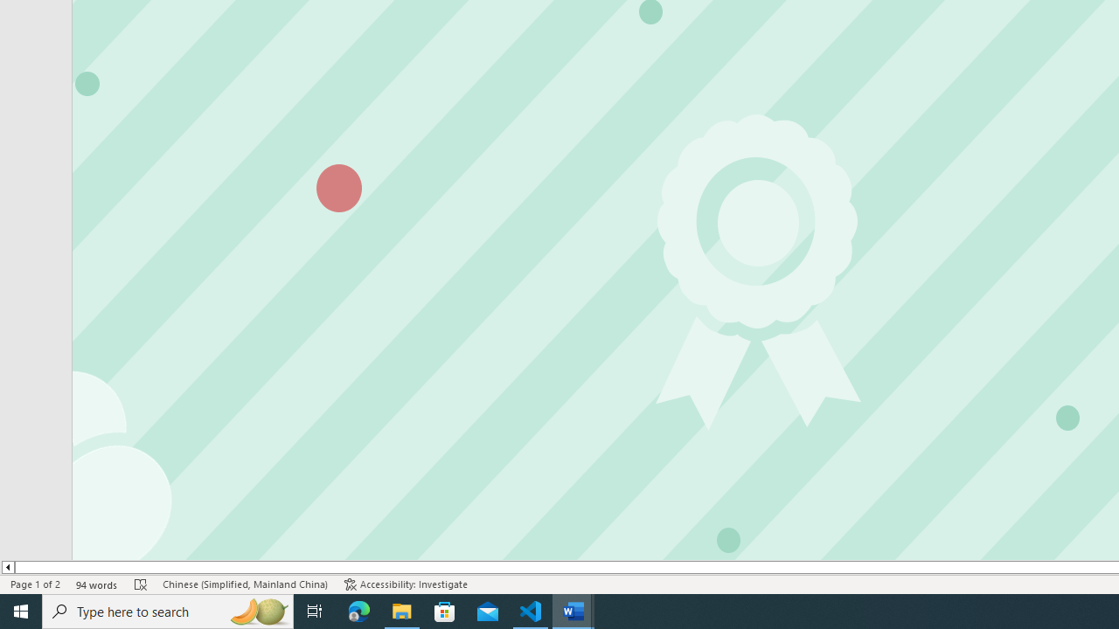 The width and height of the screenshot is (1119, 629). What do you see at coordinates (96, 584) in the screenshot?
I see `'Word Count 94 words'` at bounding box center [96, 584].